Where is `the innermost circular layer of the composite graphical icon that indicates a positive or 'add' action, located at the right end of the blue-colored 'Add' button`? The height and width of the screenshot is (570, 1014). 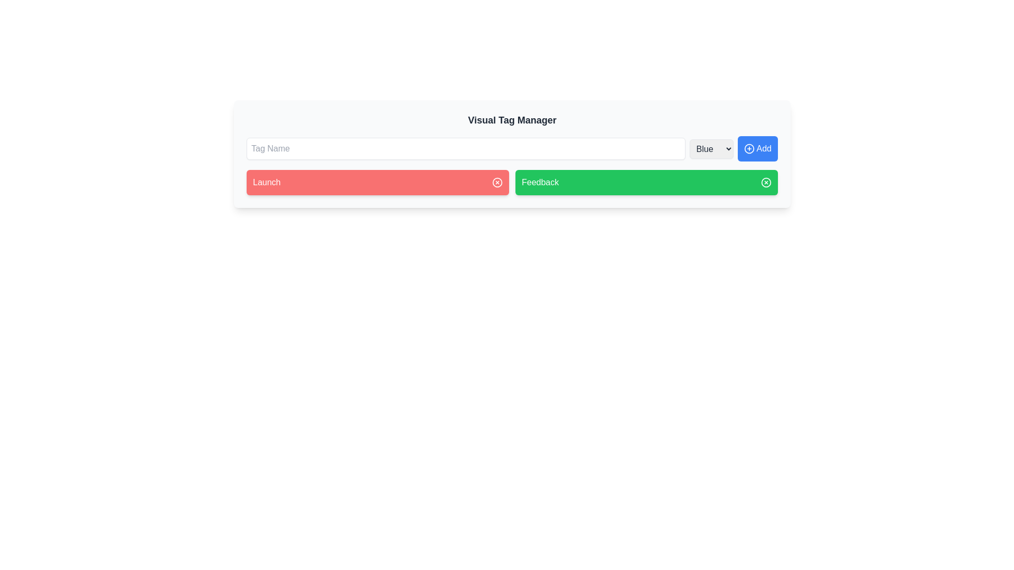
the innermost circular layer of the composite graphical icon that indicates a positive or 'add' action, located at the right end of the blue-colored 'Add' button is located at coordinates (748, 148).